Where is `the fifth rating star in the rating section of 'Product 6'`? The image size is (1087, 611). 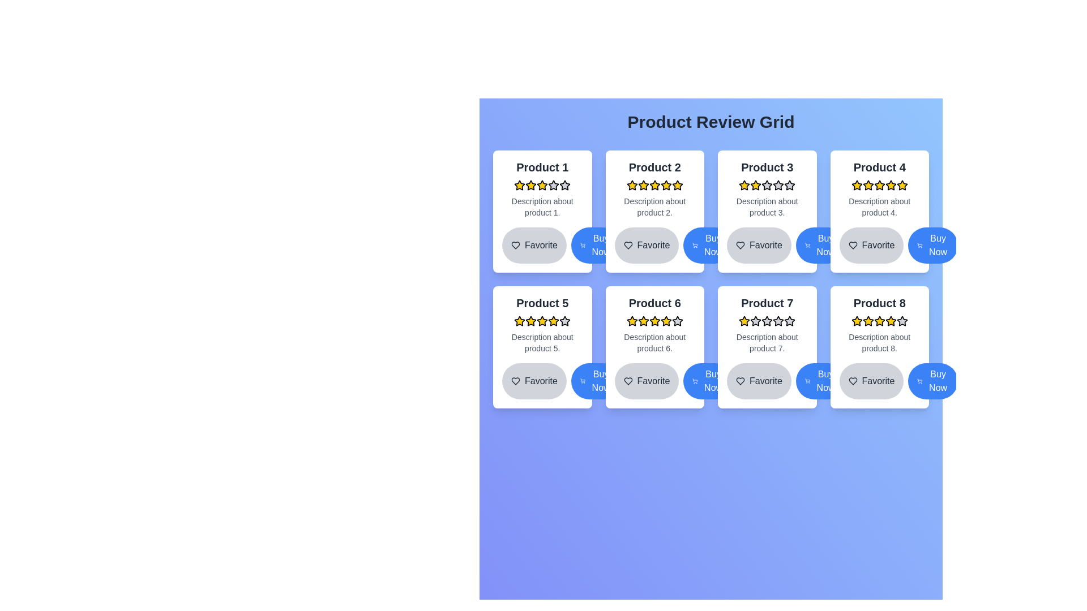
the fifth rating star in the rating section of 'Product 6' is located at coordinates (666, 321).